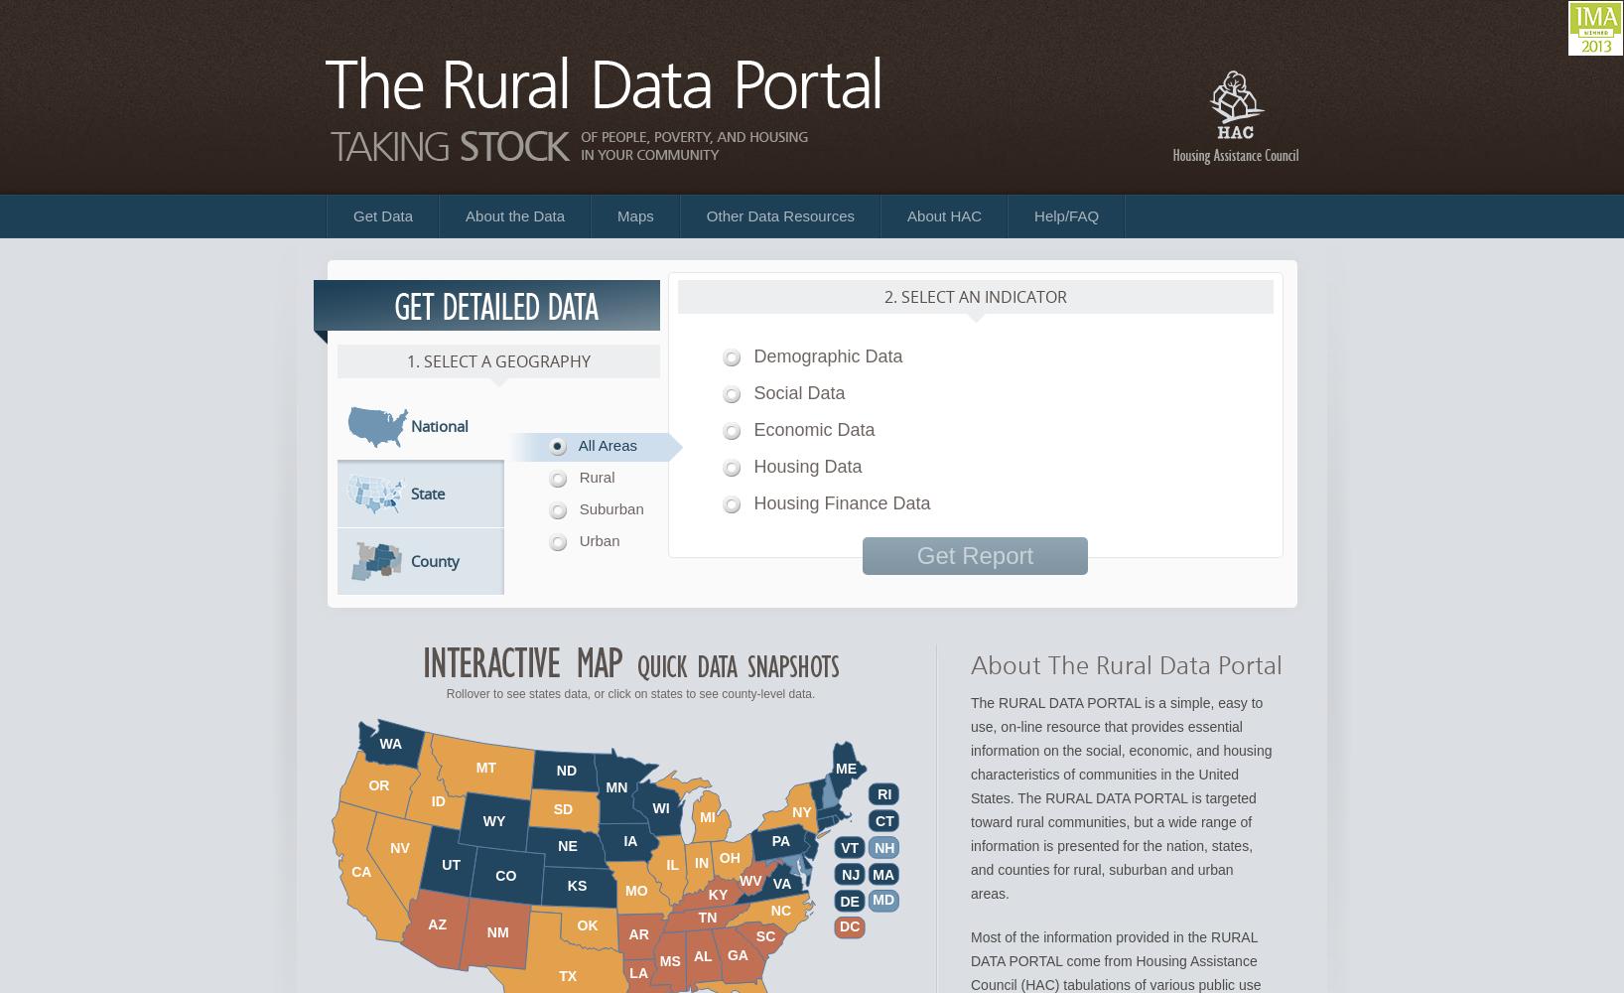  What do you see at coordinates (497, 360) in the screenshot?
I see `'1. Select a Geography'` at bounding box center [497, 360].